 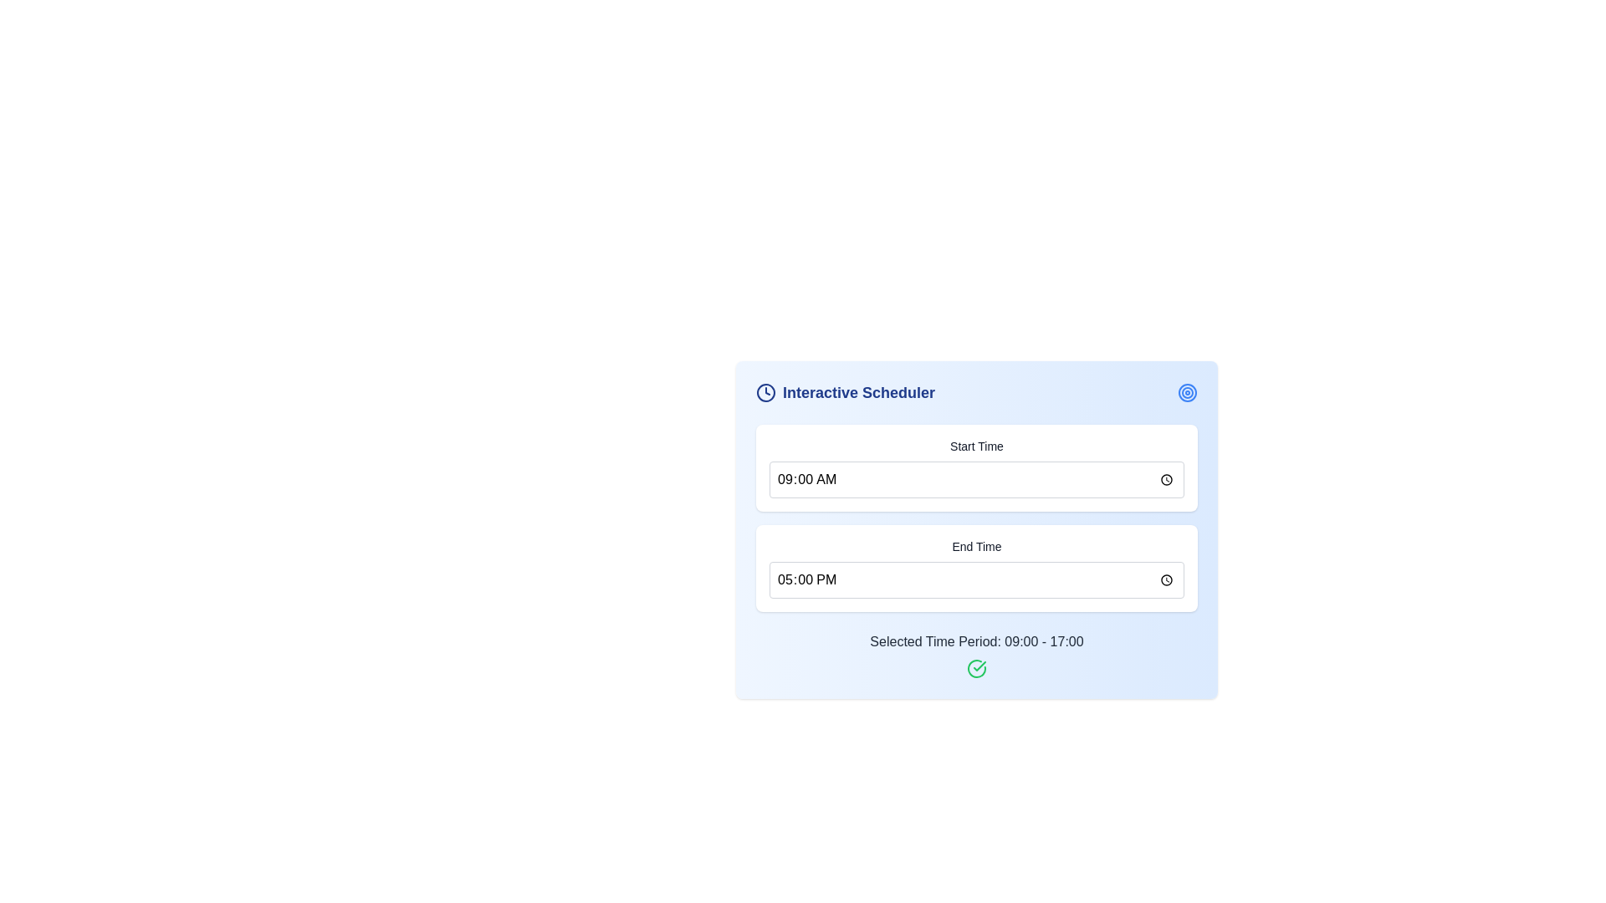 I want to click on the 'Start Time' static text label displayed in a medium-sized, bold font with a dark color on a white background, located above the time selection input field in the scheduler interface, so click(x=976, y=445).